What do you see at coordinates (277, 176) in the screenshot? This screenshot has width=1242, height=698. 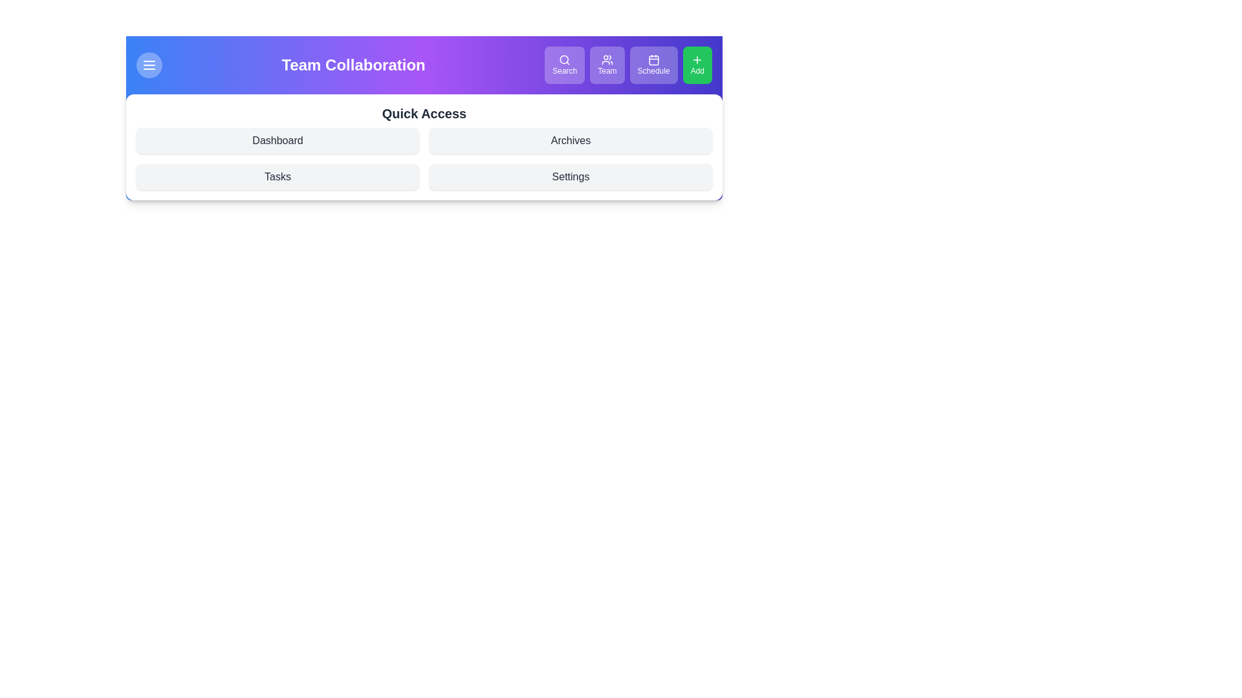 I see `the Quick Access link Tasks` at bounding box center [277, 176].